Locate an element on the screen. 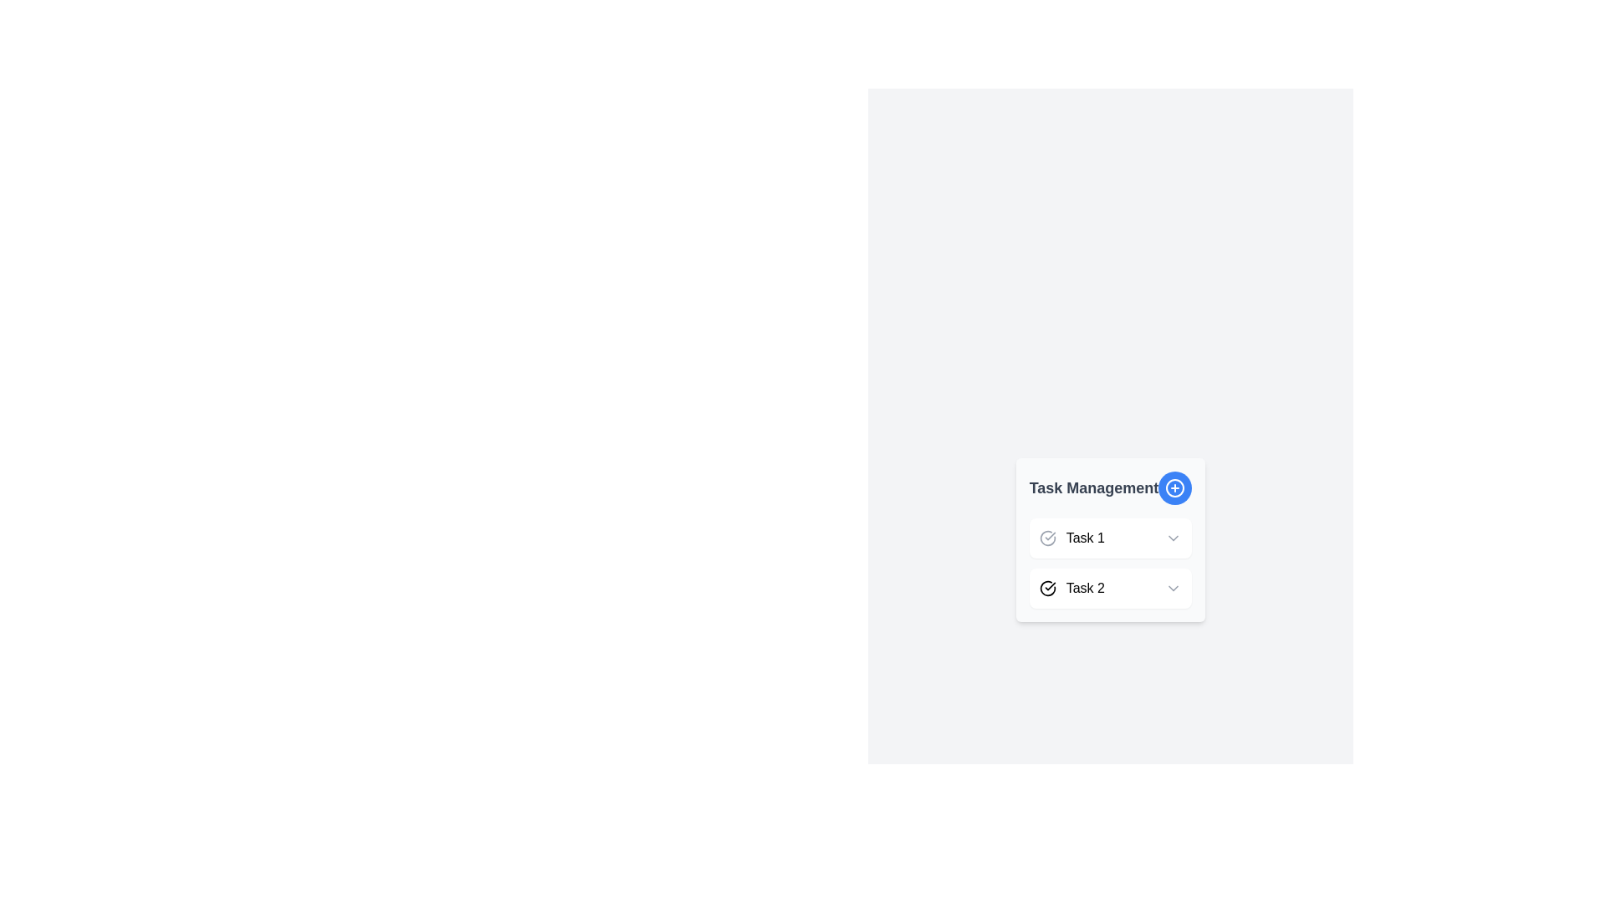 Image resolution: width=1606 pixels, height=903 pixels. the blue rounded button with white text located to the right of the 'Task Management' header is located at coordinates (1174, 487).